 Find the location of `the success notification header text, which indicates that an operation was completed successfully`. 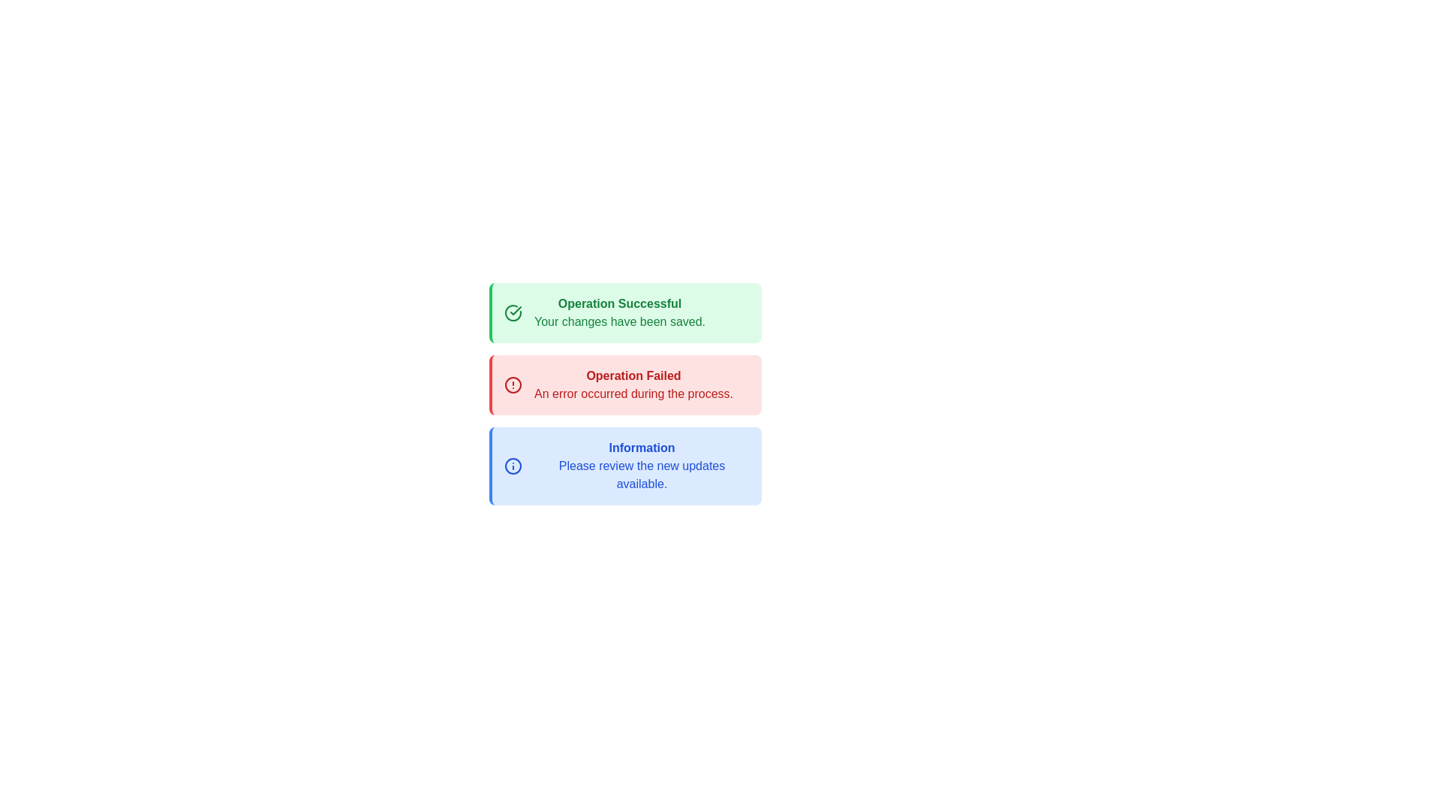

the success notification header text, which indicates that an operation was completed successfully is located at coordinates (619, 304).